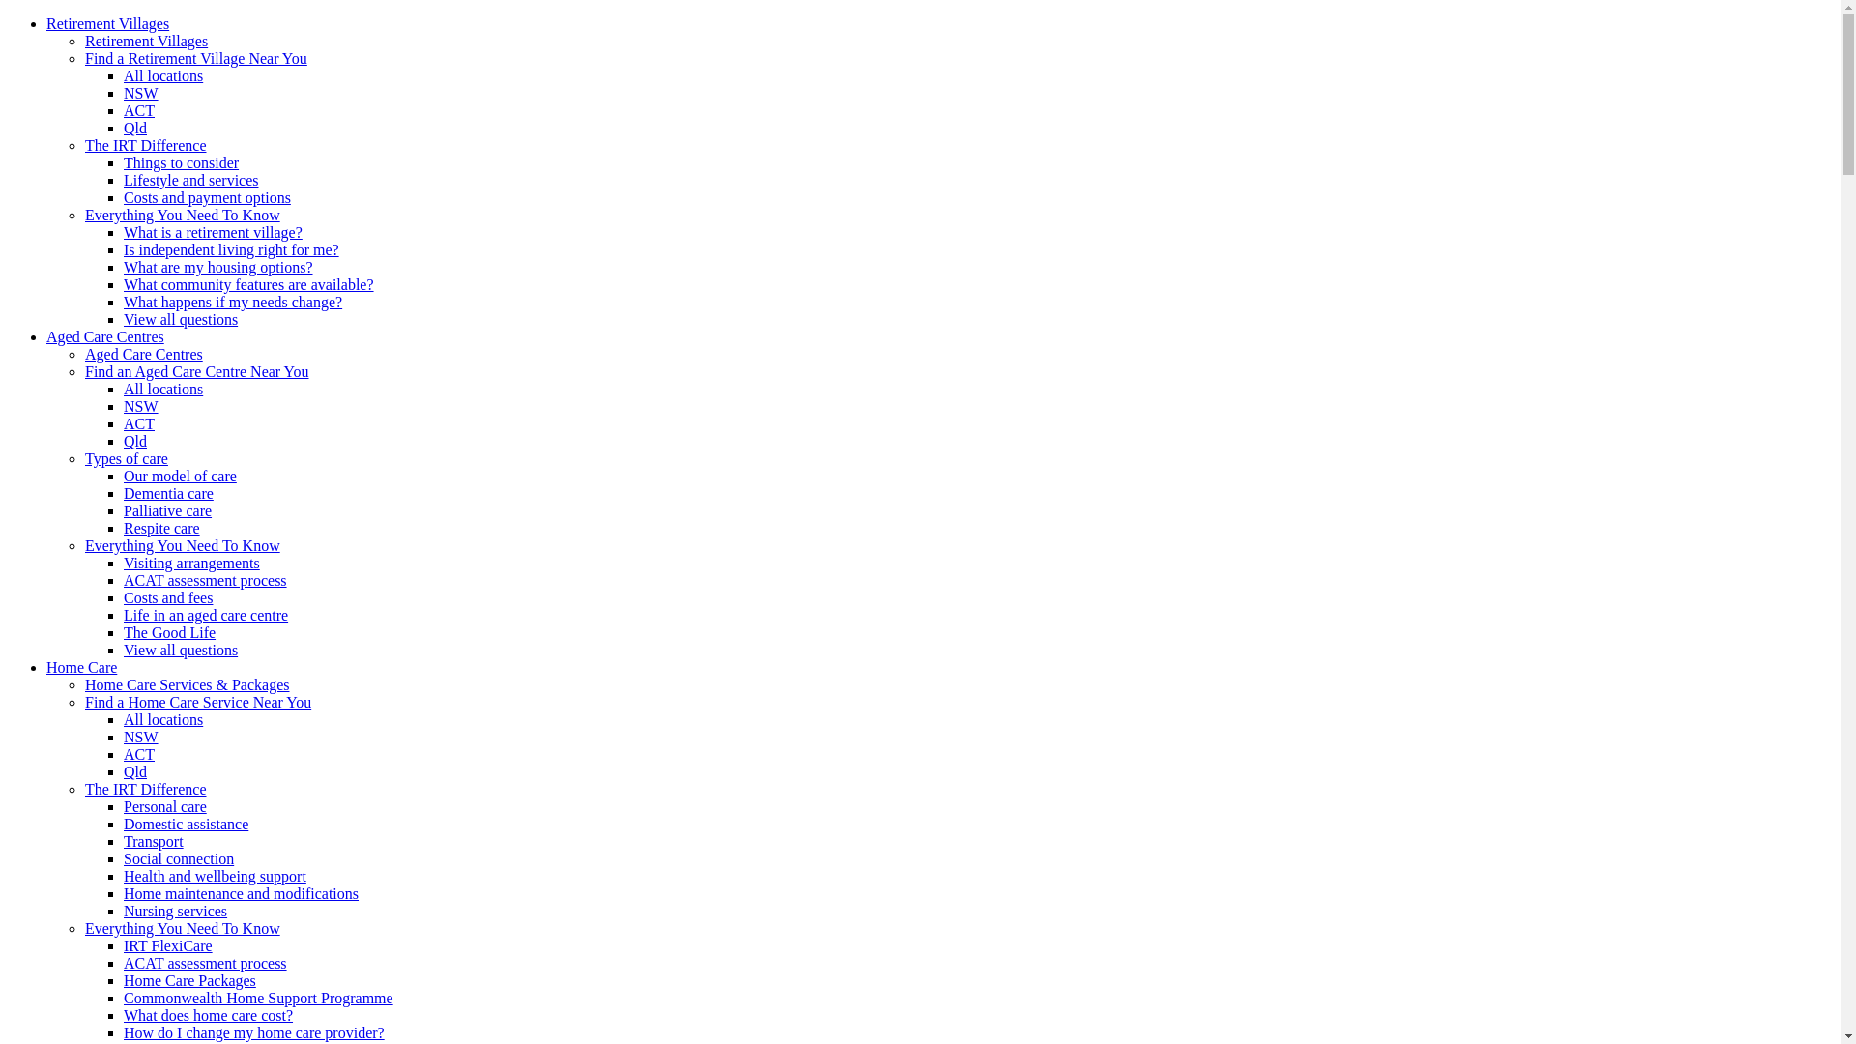 This screenshot has height=1044, width=1856. I want to click on 'Respite care', so click(161, 528).